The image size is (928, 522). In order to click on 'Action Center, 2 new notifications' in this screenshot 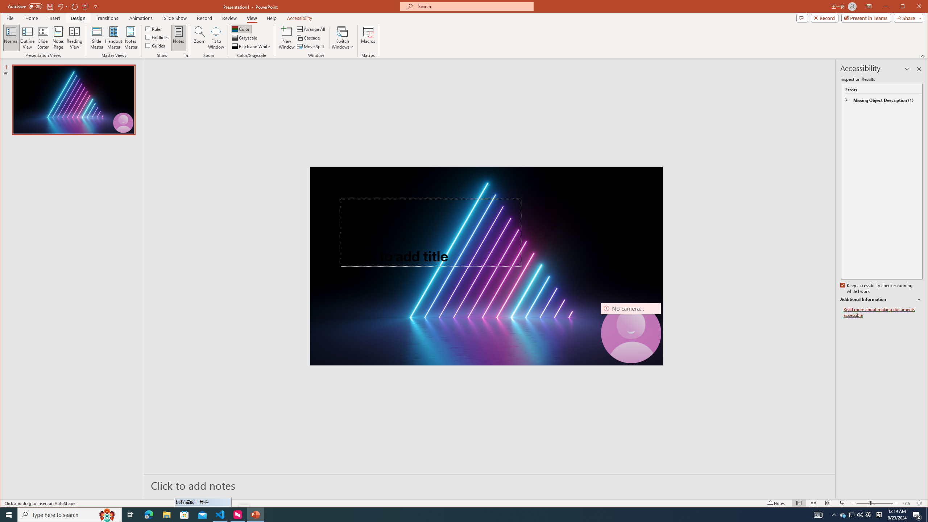, I will do `click(917, 514)`.